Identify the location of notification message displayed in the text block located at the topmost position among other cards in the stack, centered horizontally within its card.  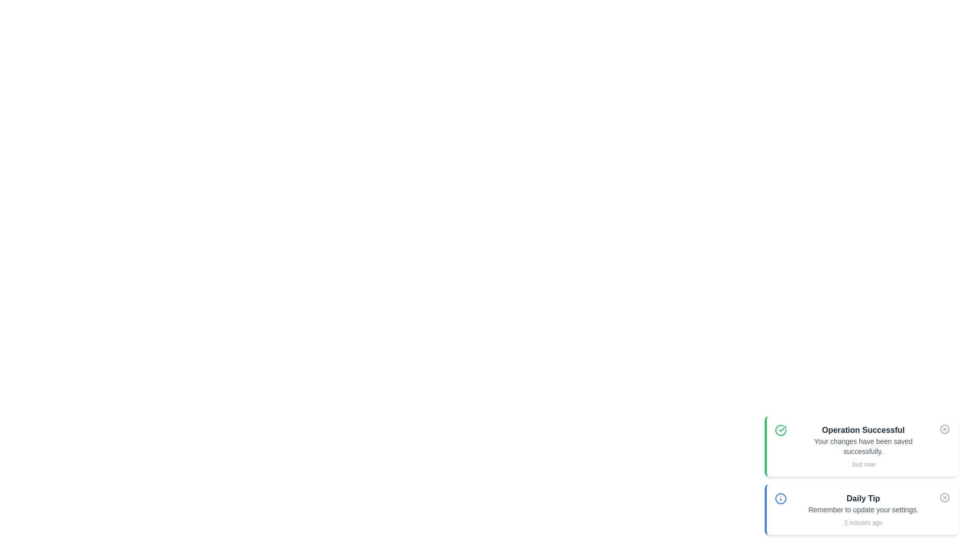
(863, 445).